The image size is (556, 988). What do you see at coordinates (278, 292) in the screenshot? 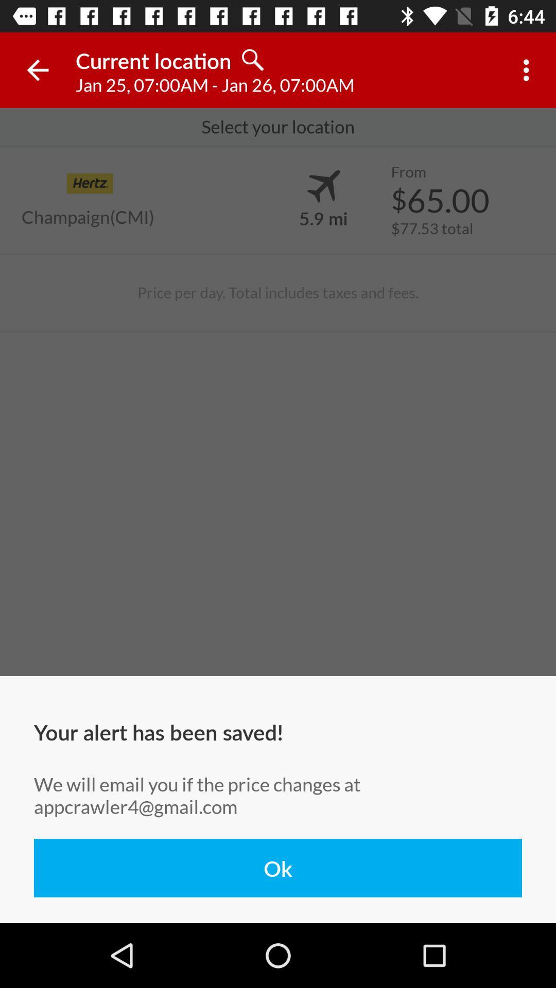
I see `icon above your alert has item` at bounding box center [278, 292].